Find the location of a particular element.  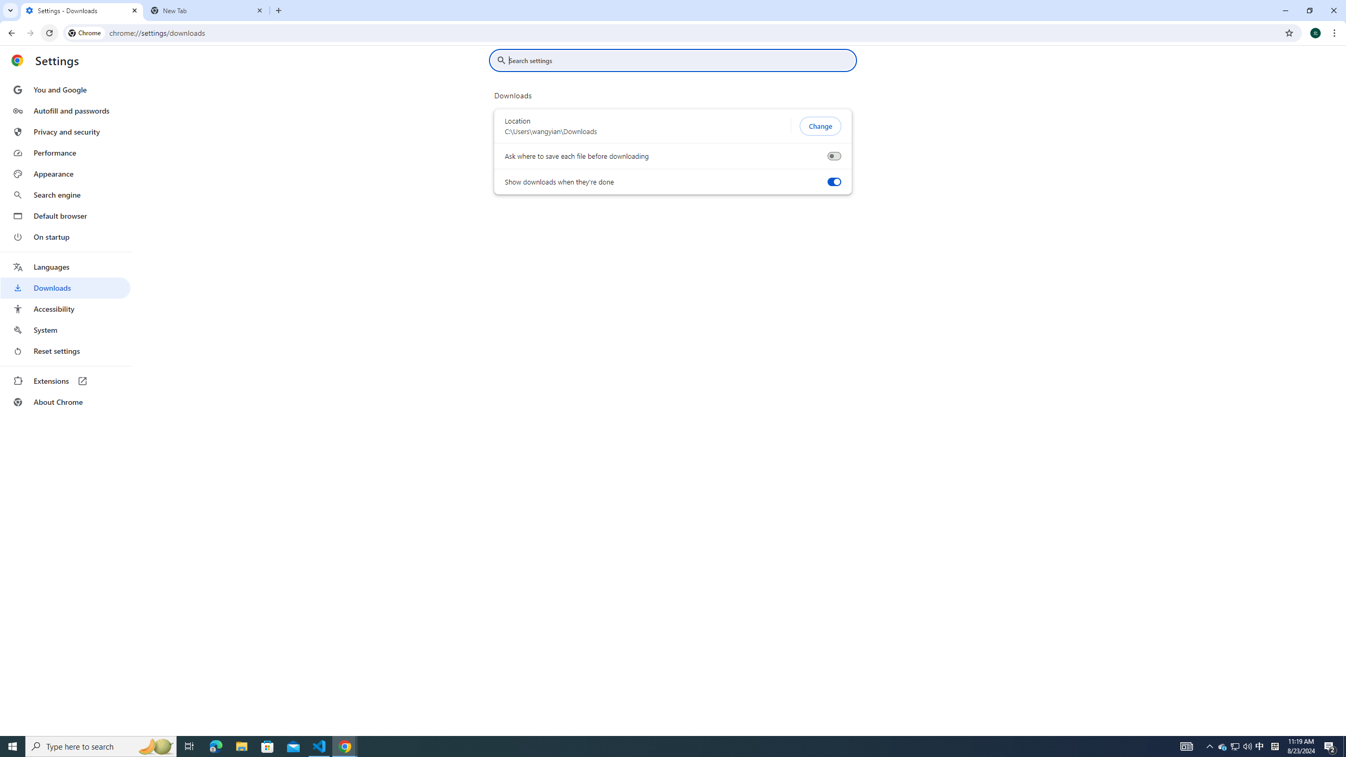

'New Tab' is located at coordinates (207, 10).